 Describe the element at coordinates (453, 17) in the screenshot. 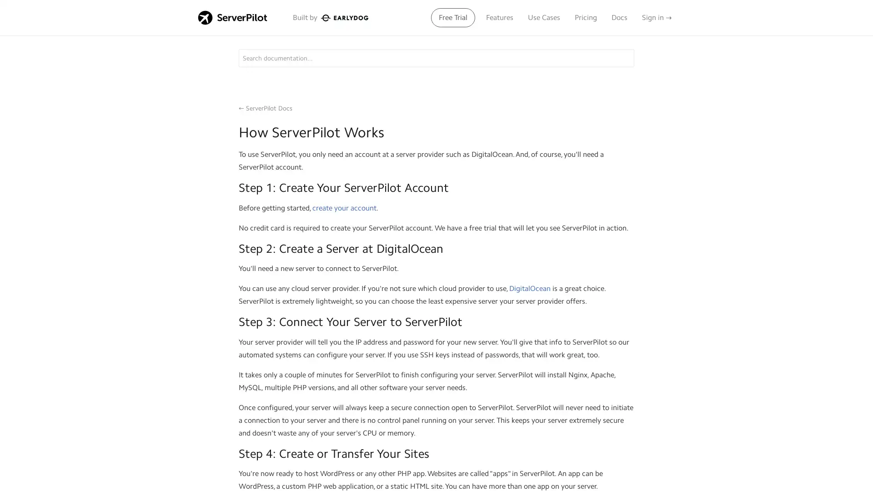

I see `Free Trial` at that location.